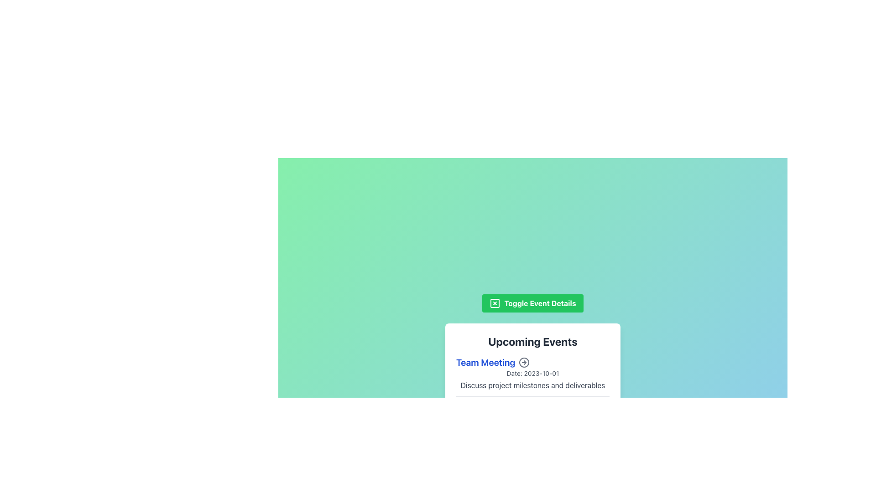 This screenshot has height=492, width=876. I want to click on the text label displaying 'Date: 2023-10-01', which is located beneath the 'Team Meeting' heading, so click(532, 373).